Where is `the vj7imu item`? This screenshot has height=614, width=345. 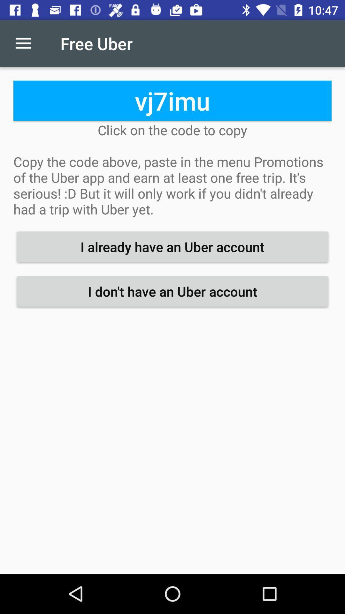
the vj7imu item is located at coordinates (172, 100).